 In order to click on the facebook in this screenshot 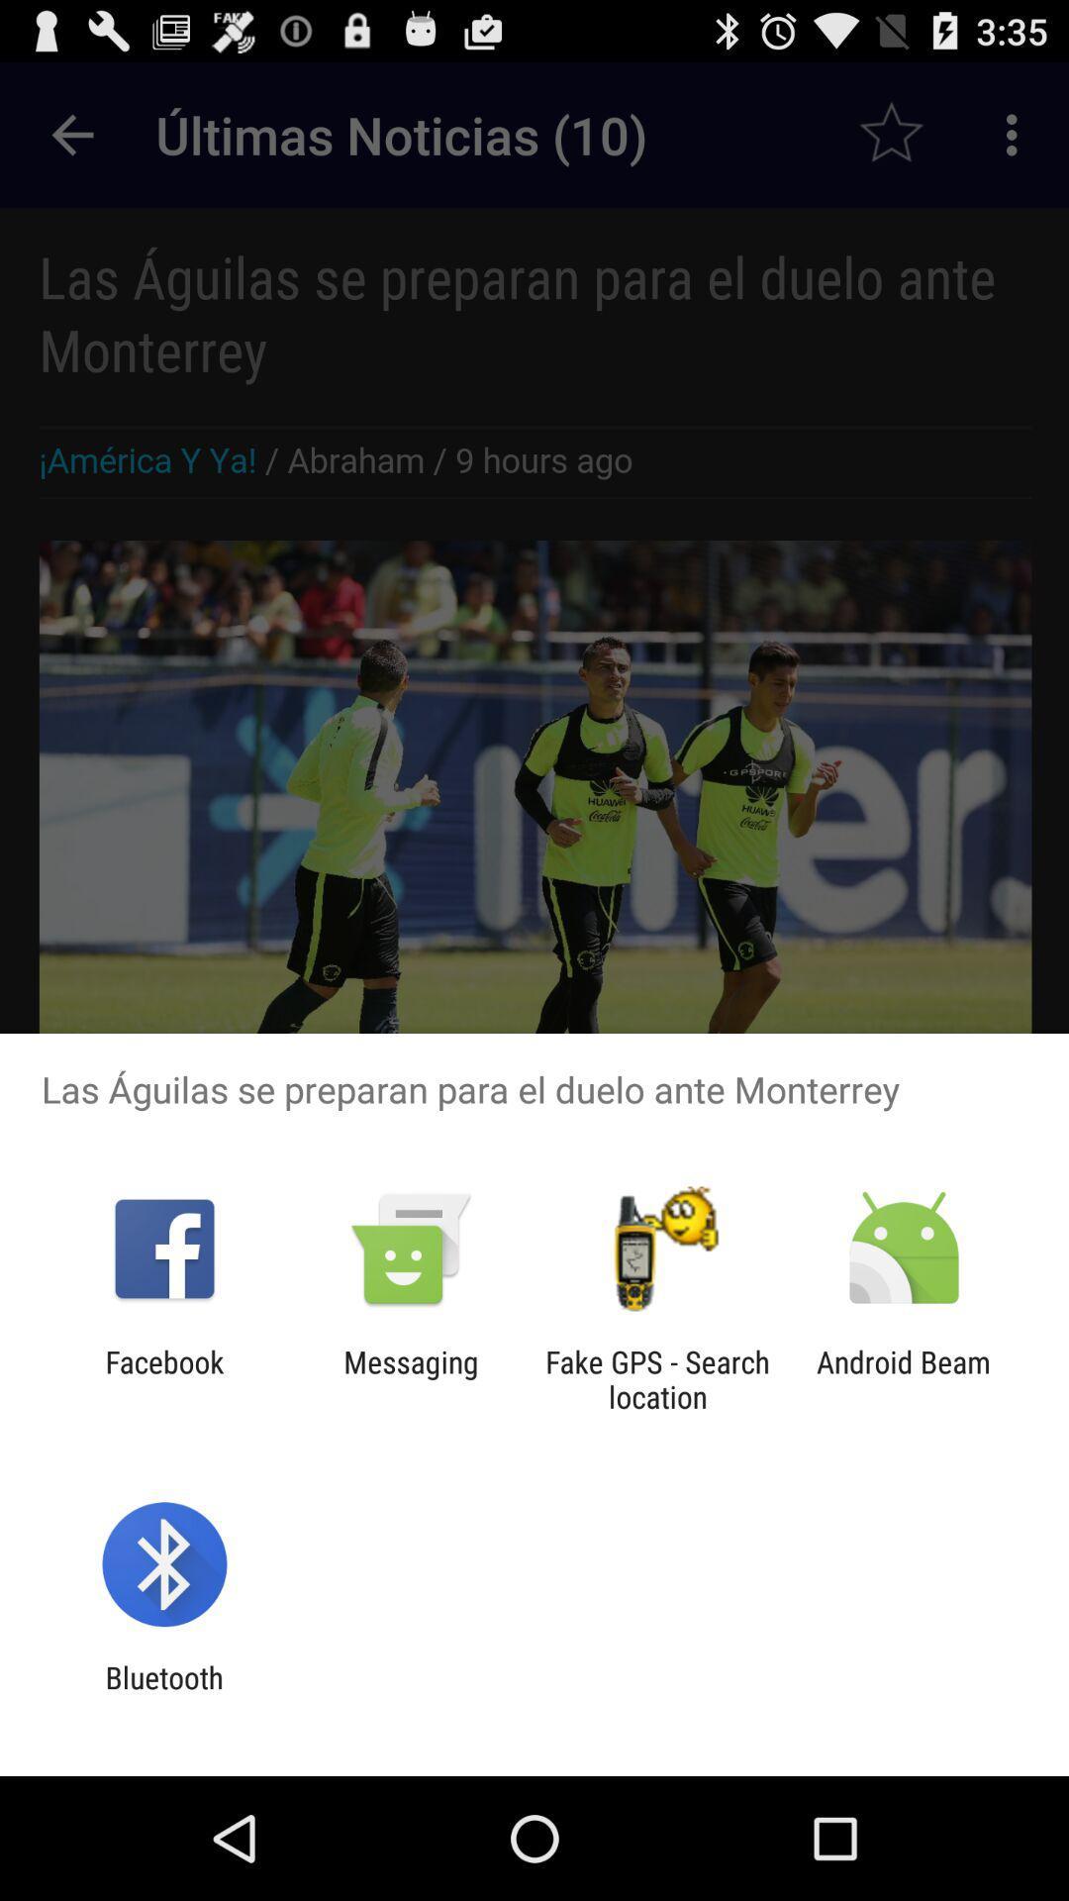, I will do `click(163, 1378)`.